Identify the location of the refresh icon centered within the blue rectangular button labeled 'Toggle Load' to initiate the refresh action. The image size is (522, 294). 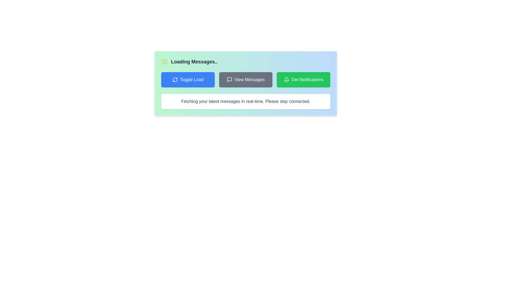
(175, 80).